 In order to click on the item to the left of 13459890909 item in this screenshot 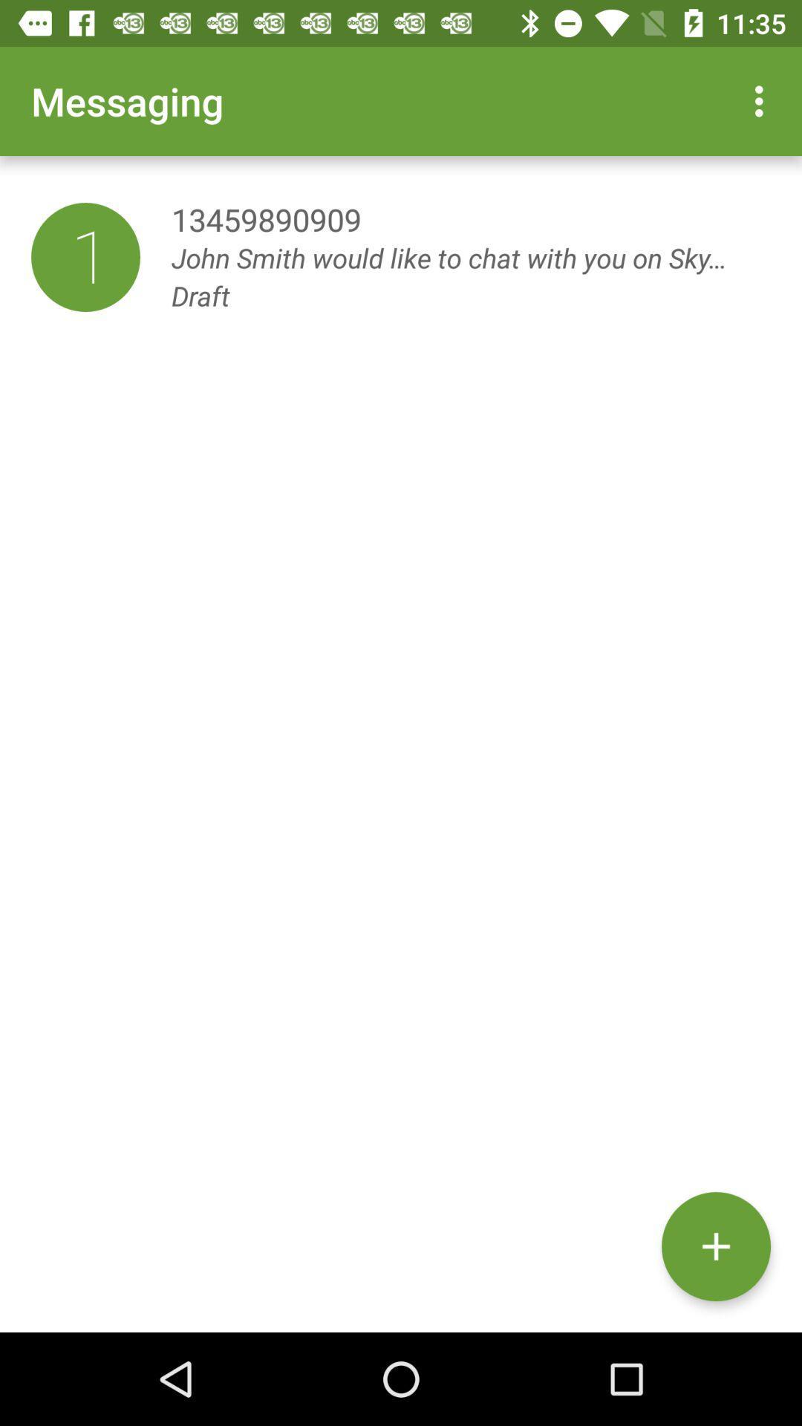, I will do `click(85, 257)`.